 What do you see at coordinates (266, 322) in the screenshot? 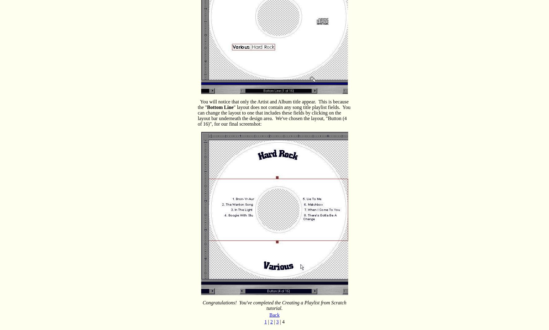
I see `'1'` at bounding box center [266, 322].